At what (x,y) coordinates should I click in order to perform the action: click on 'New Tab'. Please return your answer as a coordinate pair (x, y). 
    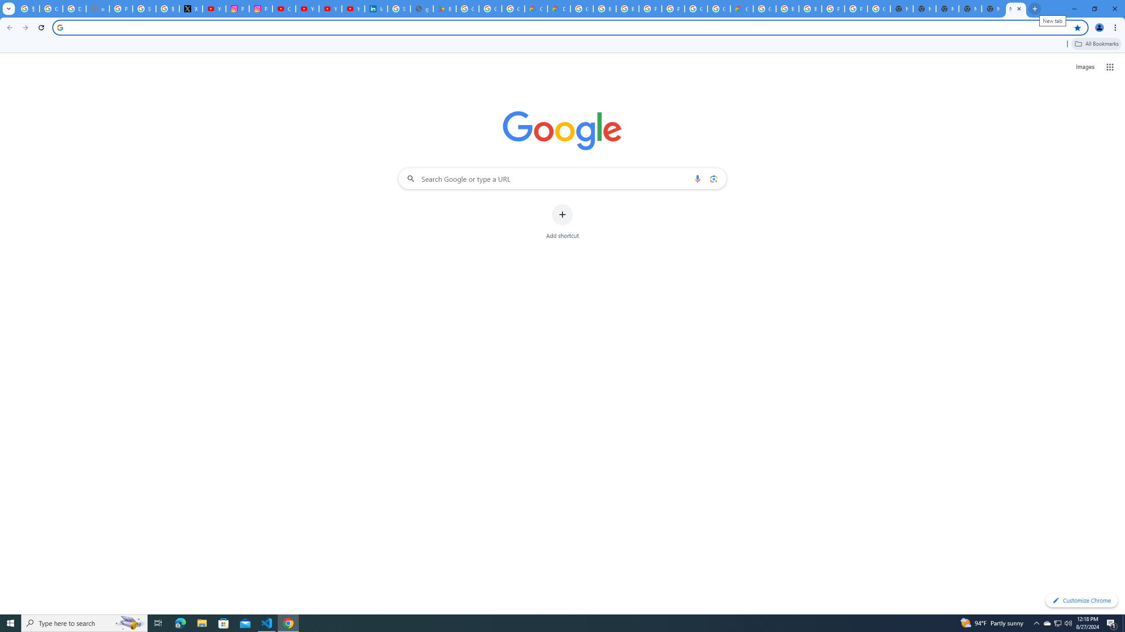
    Looking at the image, I should click on (970, 8).